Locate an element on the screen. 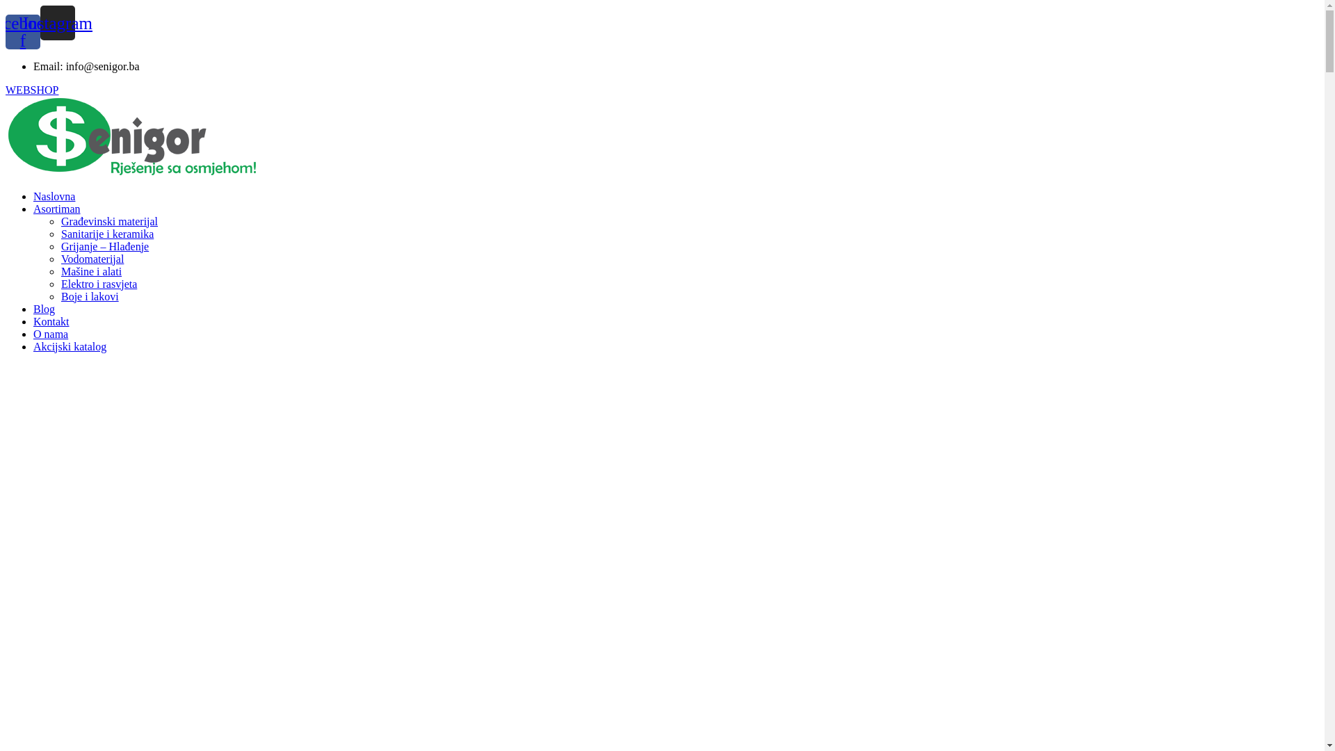 Image resolution: width=1335 pixels, height=751 pixels. 'Naslovna' is located at coordinates (33, 196).